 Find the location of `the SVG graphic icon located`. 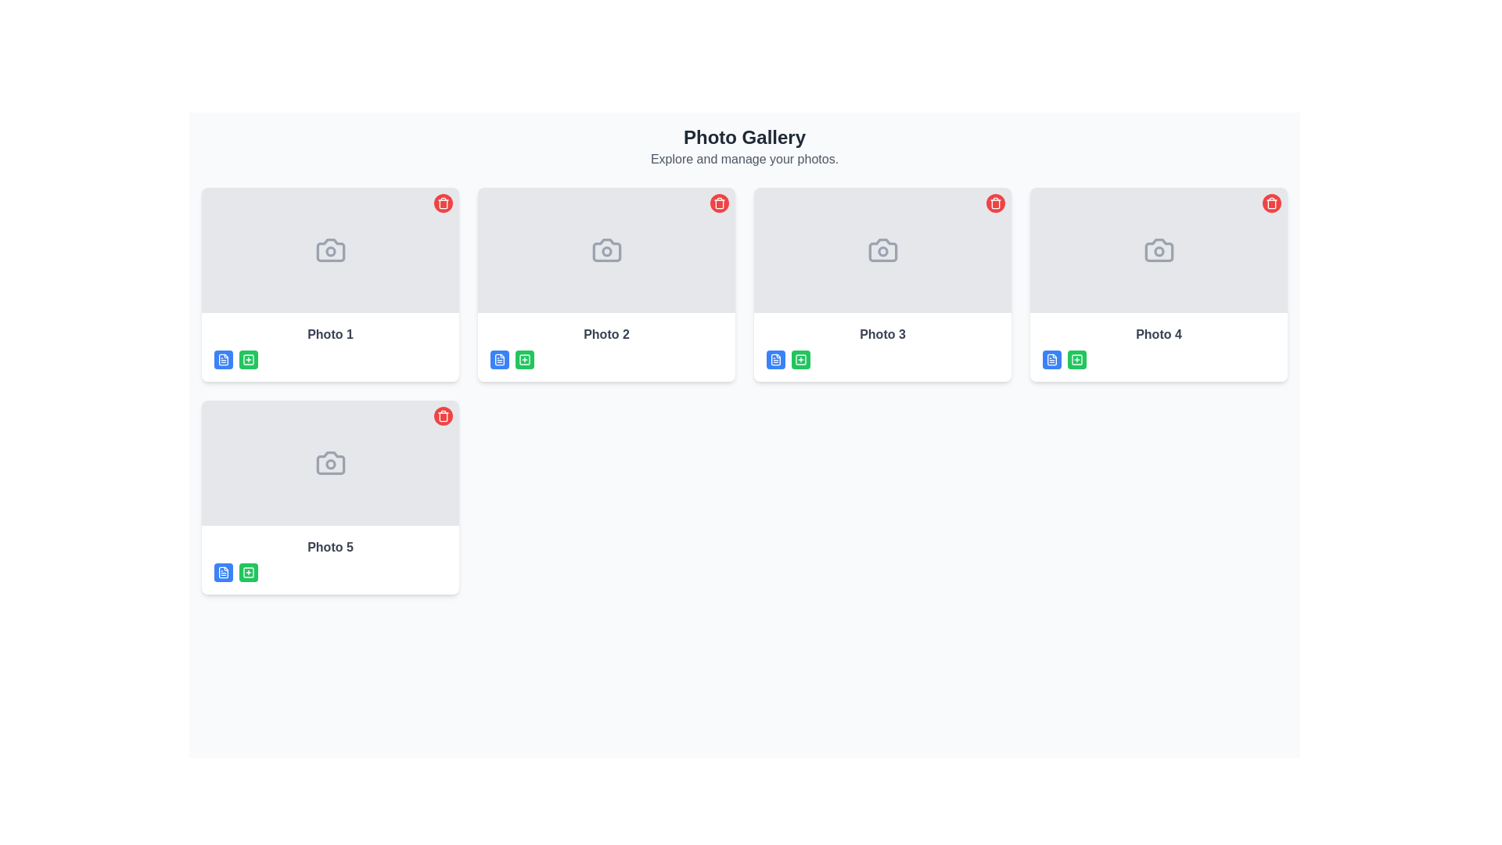

the SVG graphic icon located is located at coordinates (498, 359).